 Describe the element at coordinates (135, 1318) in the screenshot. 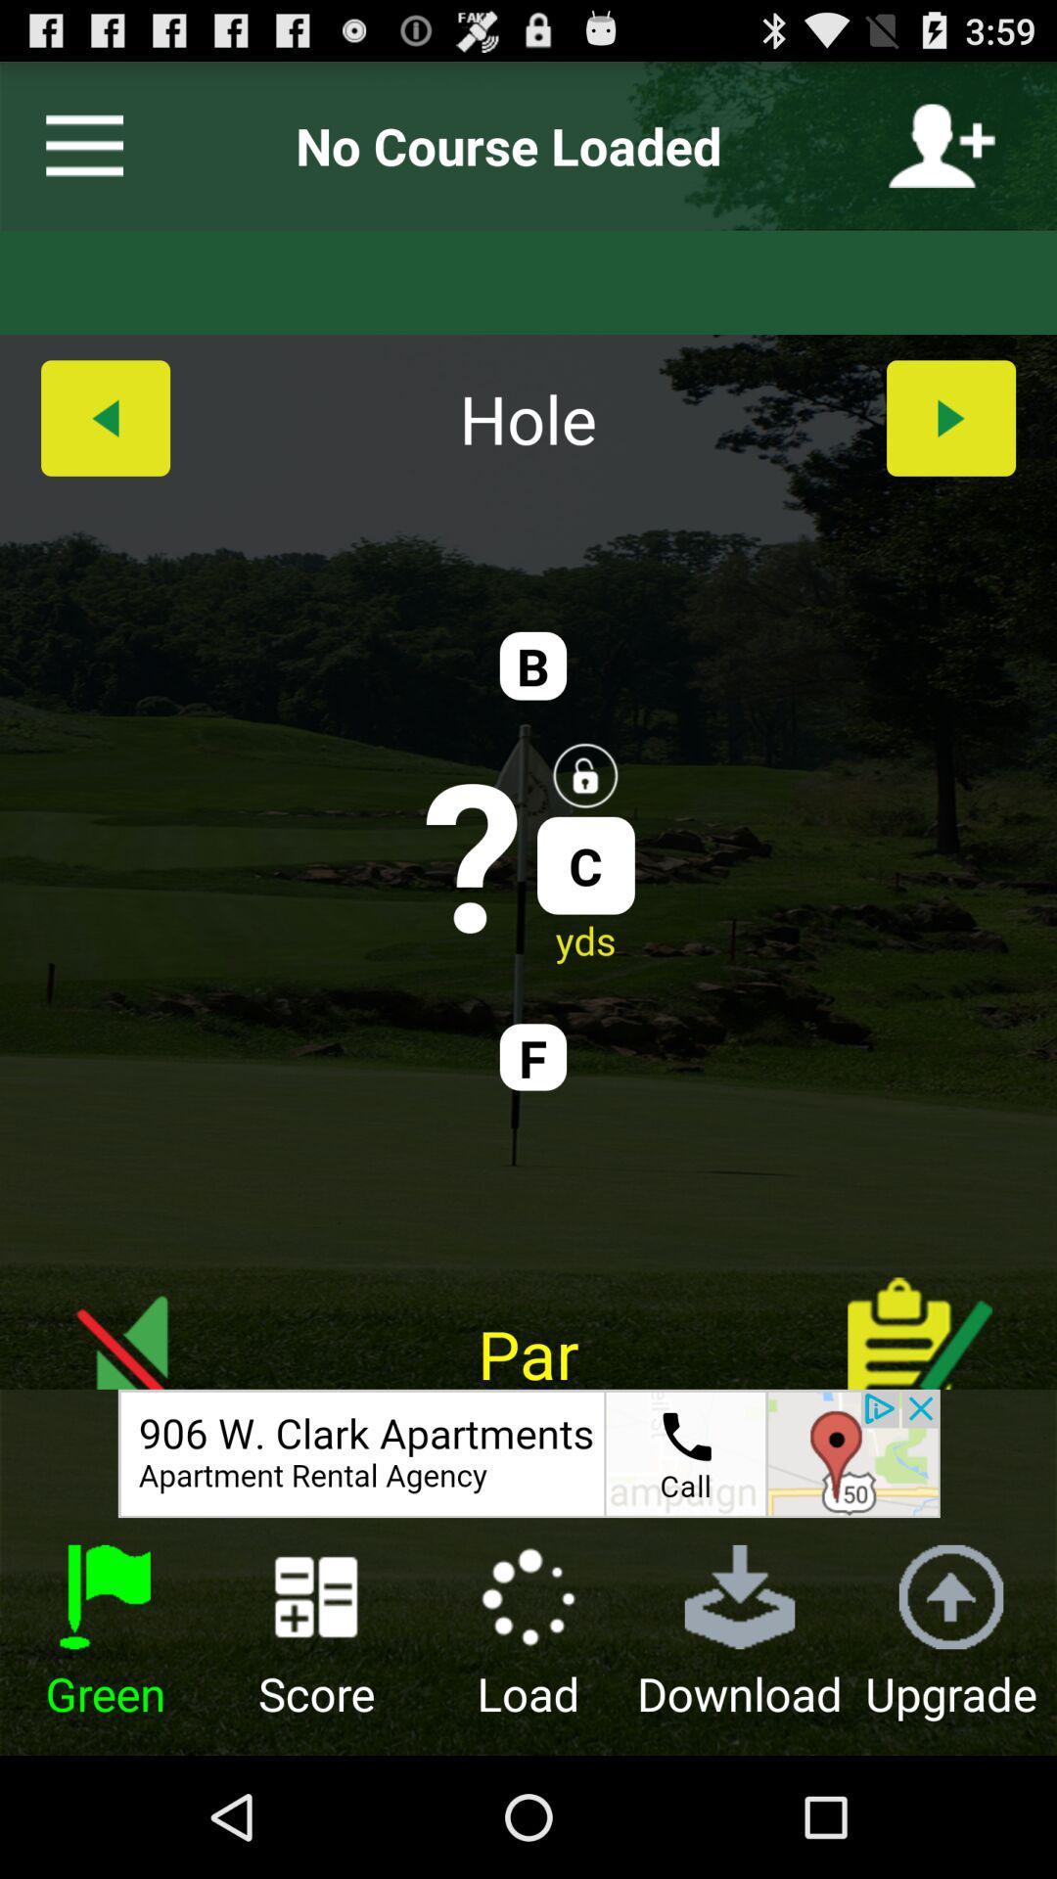

I see `click mute option` at that location.